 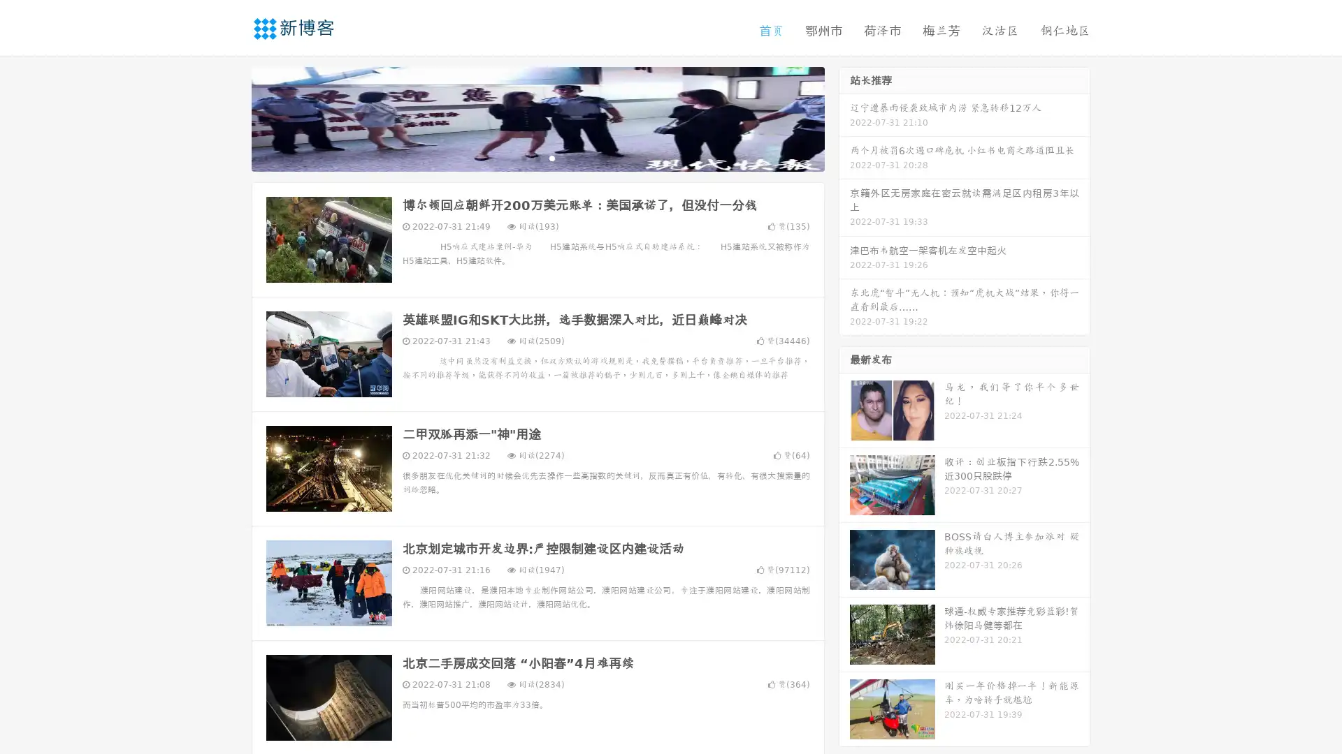 What do you see at coordinates (537, 157) in the screenshot?
I see `Go to slide 2` at bounding box center [537, 157].